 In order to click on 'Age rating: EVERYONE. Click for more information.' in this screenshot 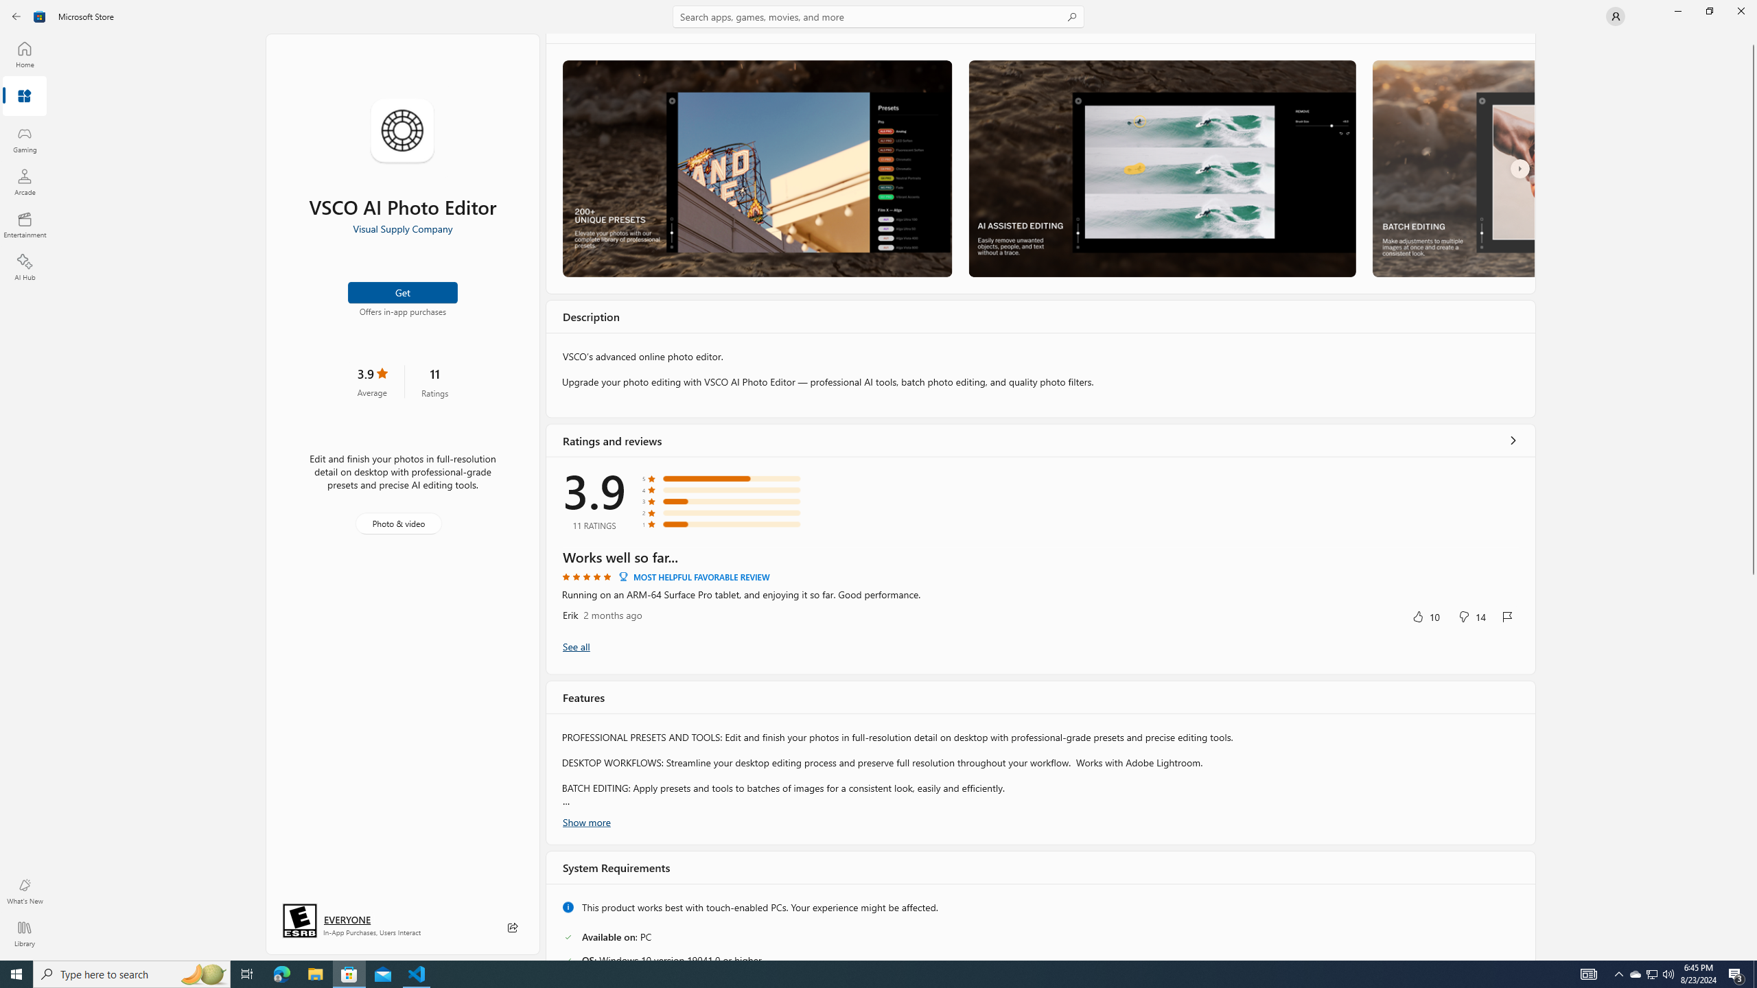, I will do `click(347, 919)`.